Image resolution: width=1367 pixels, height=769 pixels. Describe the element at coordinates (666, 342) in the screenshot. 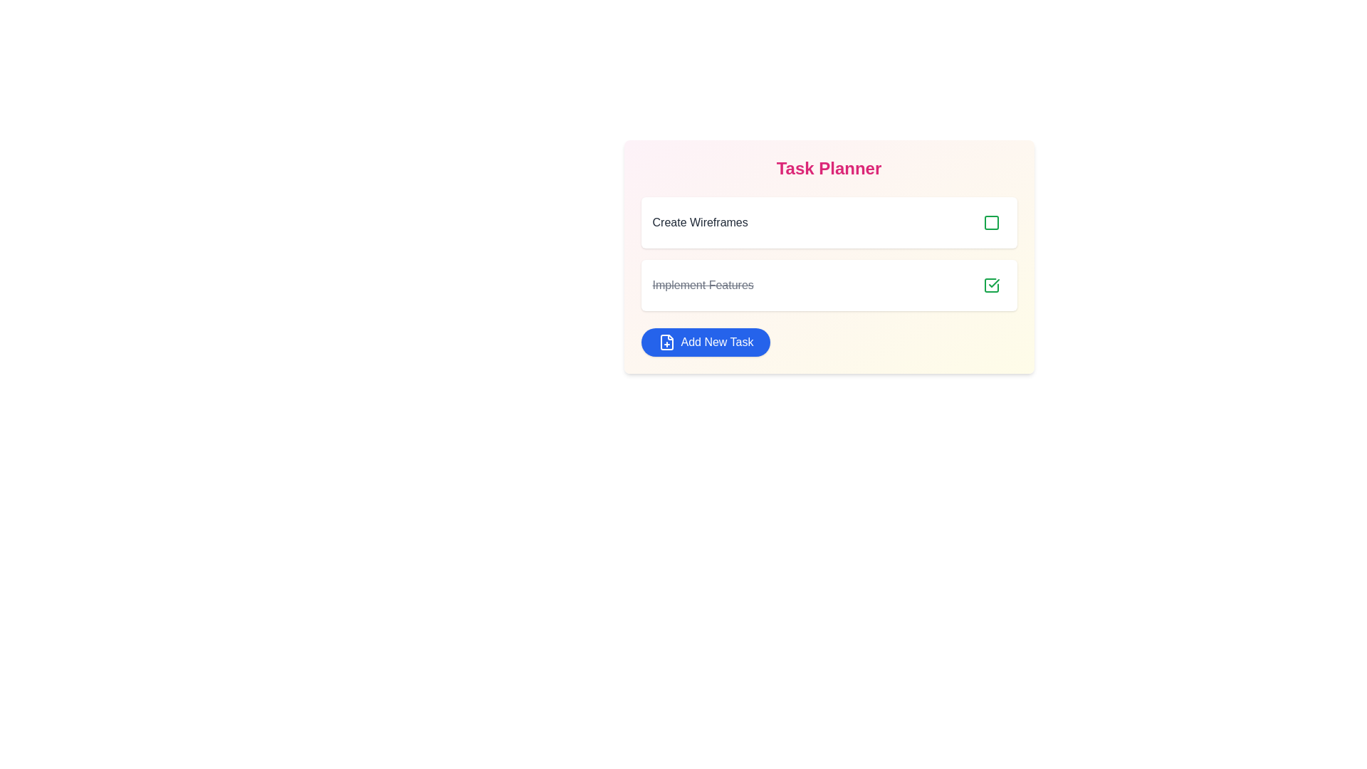

I see `the icon on the left side of the 'Add New Task' button, located at the bottom of the layout and aligned centrally horizontally` at that location.